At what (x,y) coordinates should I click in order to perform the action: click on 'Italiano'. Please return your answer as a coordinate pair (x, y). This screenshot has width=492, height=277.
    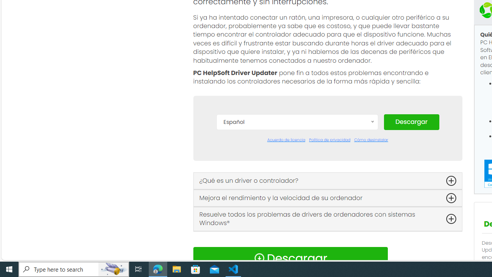
    Looking at the image, I should click on (296, 227).